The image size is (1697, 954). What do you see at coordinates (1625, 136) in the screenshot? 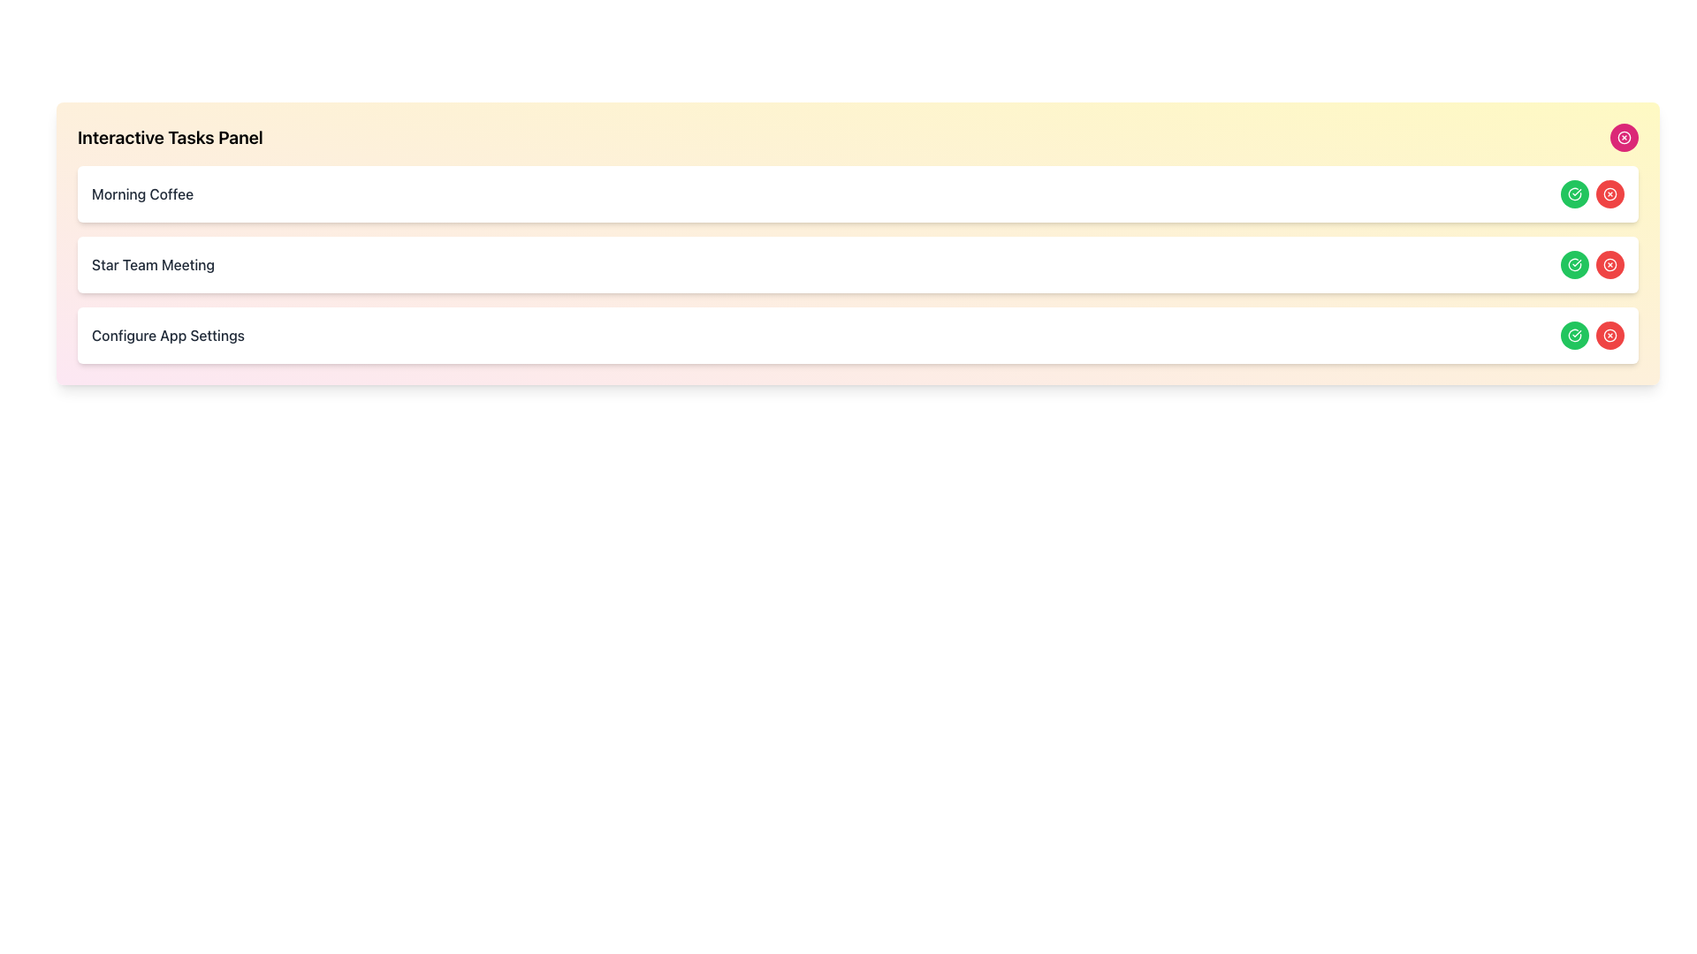
I see `the circular pink button with a white outline and central white-crossed mark located in the upper-right corner of the interactive tasks panel` at bounding box center [1625, 136].